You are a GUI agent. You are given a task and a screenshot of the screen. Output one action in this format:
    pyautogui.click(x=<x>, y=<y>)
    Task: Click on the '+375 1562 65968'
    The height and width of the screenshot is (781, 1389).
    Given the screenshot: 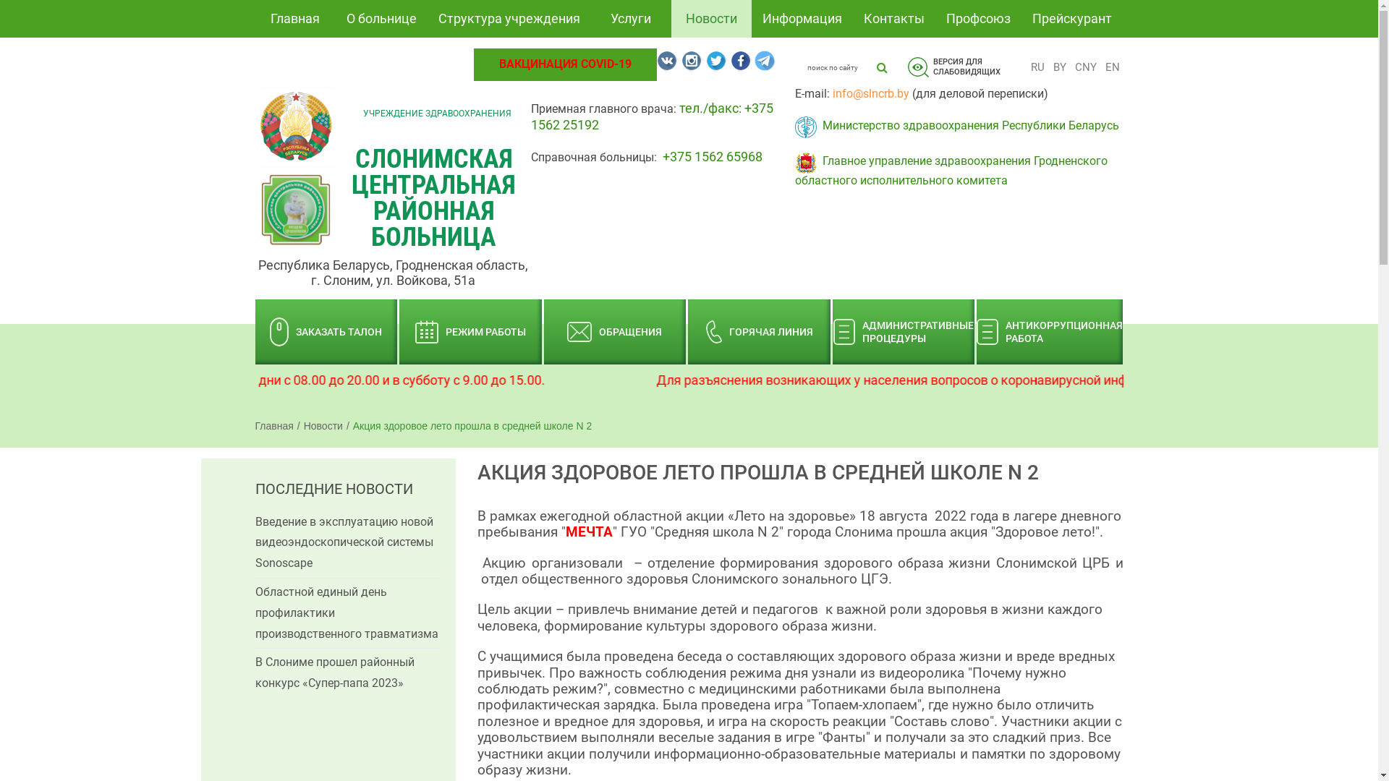 What is the action you would take?
    pyautogui.click(x=712, y=156)
    